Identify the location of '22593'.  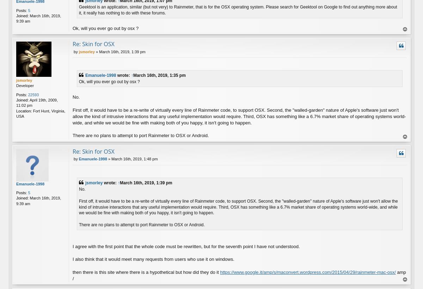
(33, 94).